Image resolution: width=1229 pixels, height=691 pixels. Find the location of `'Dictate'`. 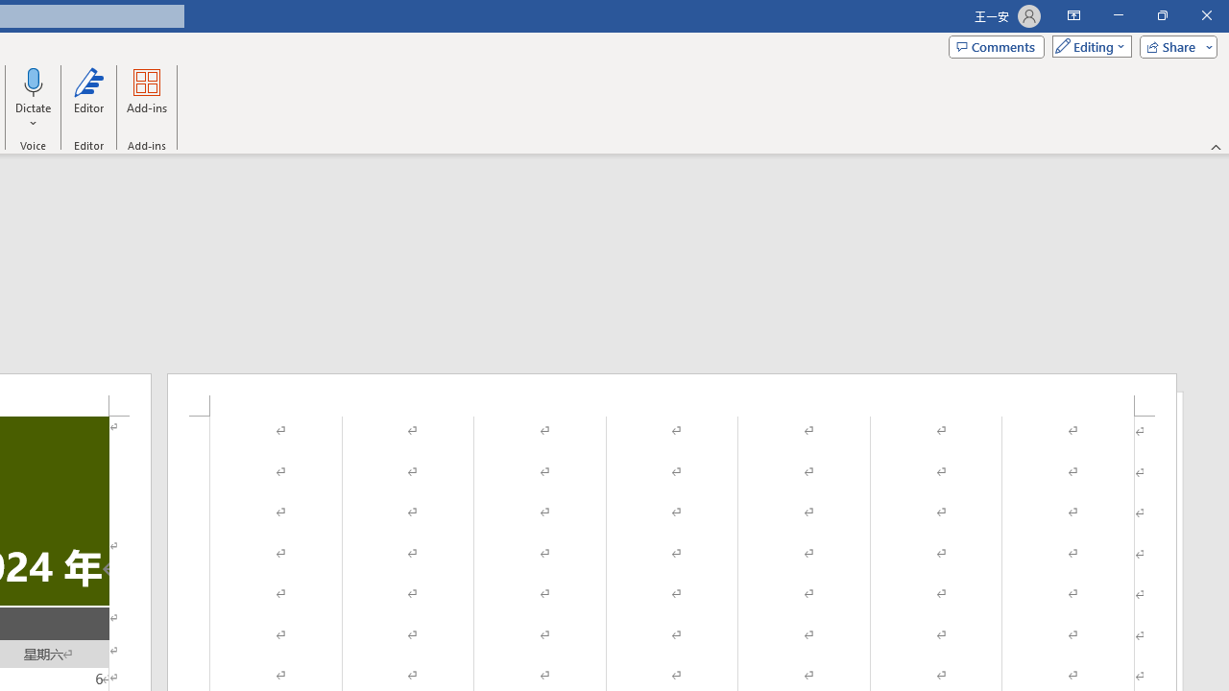

'Dictate' is located at coordinates (34, 99).